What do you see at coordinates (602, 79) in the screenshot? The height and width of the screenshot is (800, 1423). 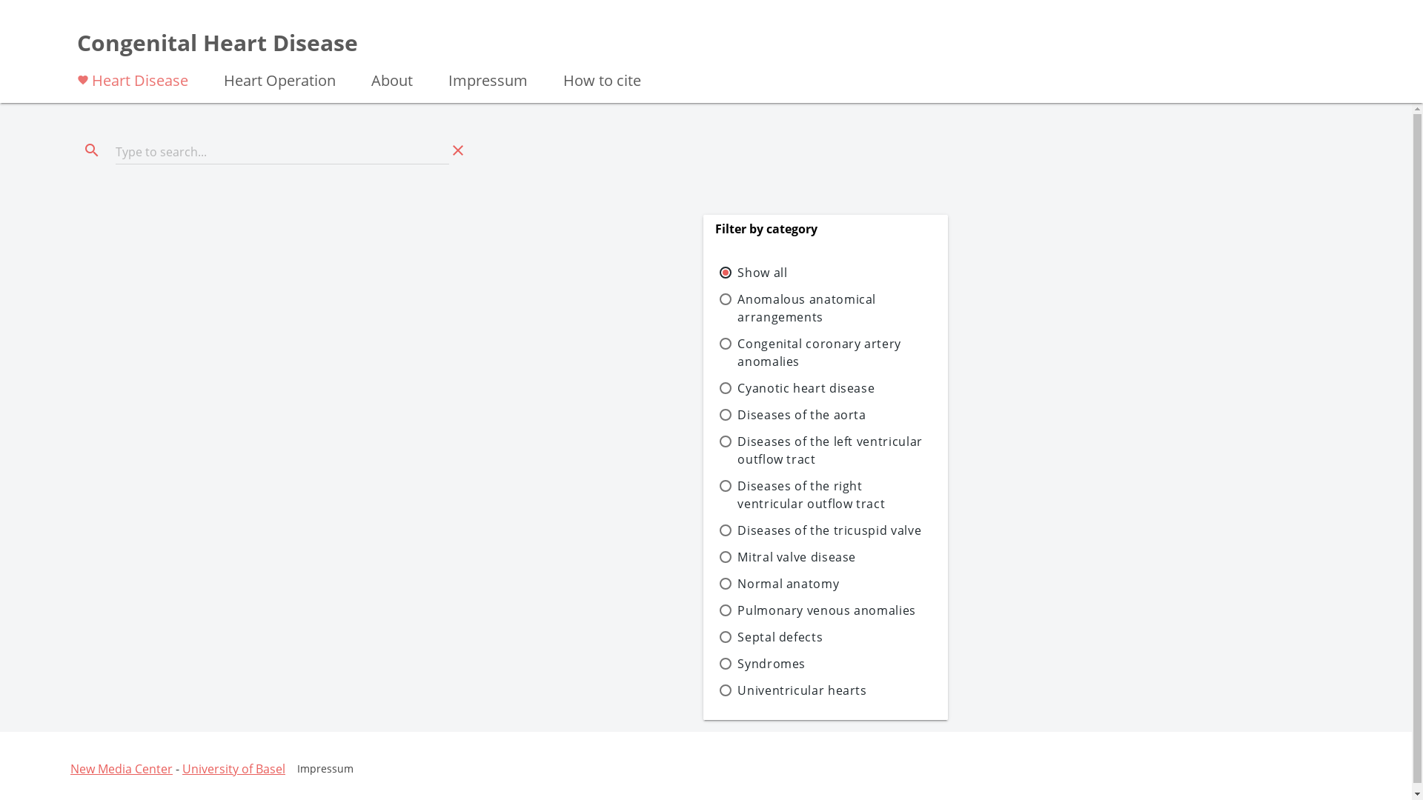 I see `'How to cite'` at bounding box center [602, 79].